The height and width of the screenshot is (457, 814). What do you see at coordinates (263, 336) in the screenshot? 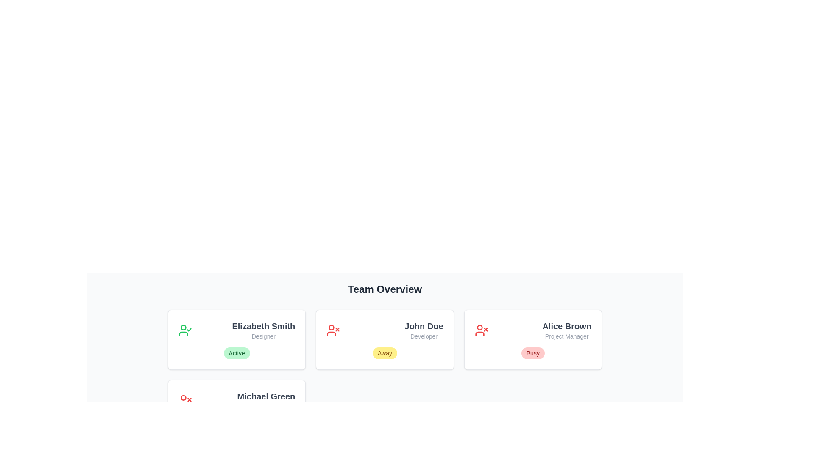
I see `the text label displaying 'Designer', which is positioned below 'Elizabeth Smith' in the middle card of the first row in the grid layout` at bounding box center [263, 336].